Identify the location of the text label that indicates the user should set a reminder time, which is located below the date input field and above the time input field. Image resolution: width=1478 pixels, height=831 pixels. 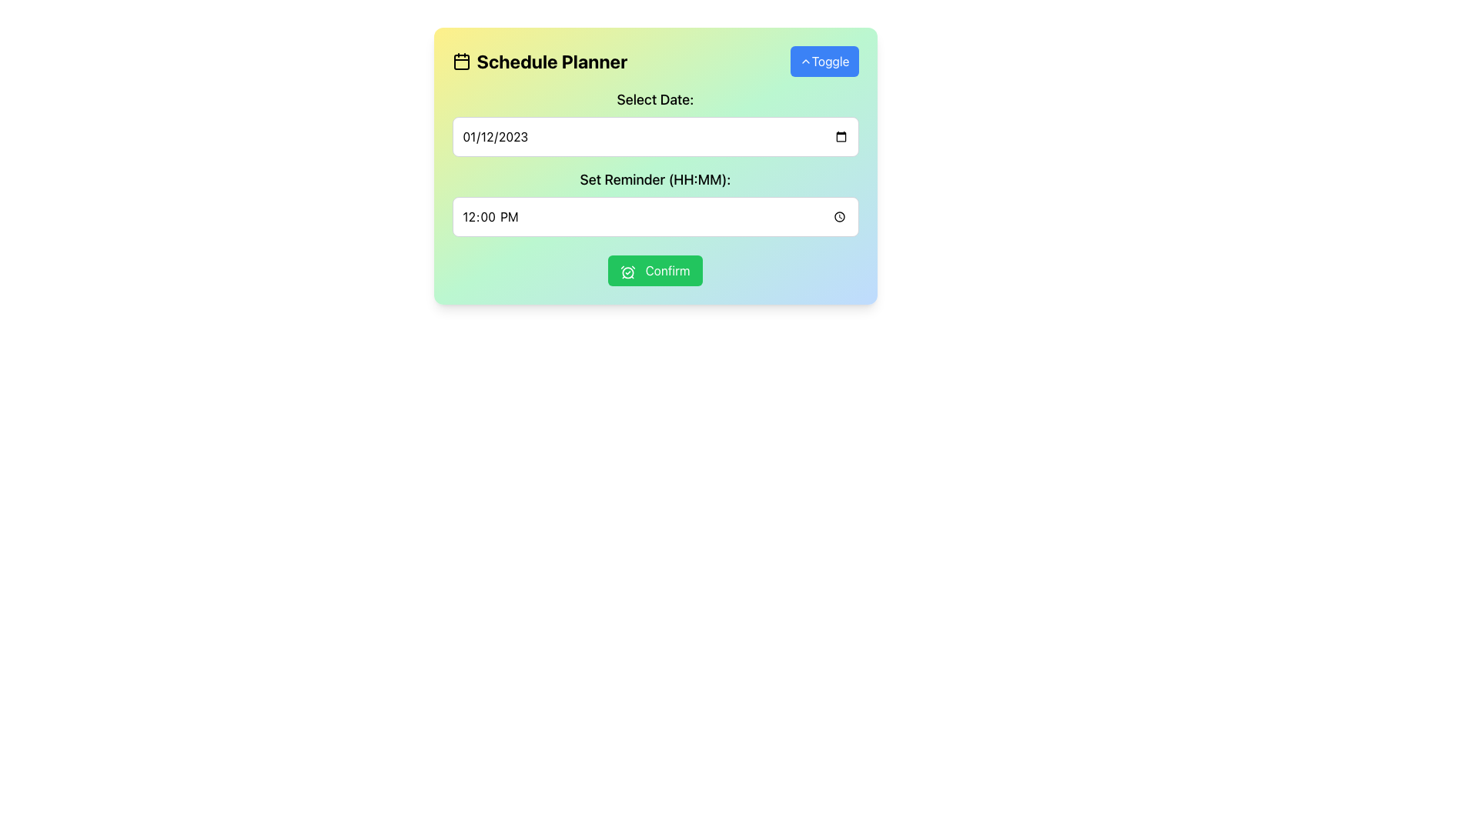
(655, 179).